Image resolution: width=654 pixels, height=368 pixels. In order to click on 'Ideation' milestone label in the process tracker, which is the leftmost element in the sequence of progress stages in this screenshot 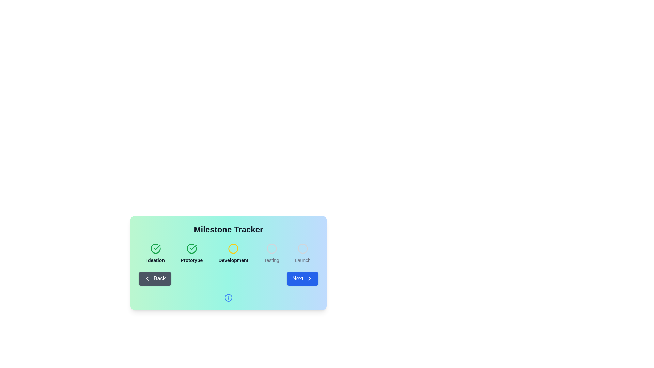, I will do `click(155, 254)`.